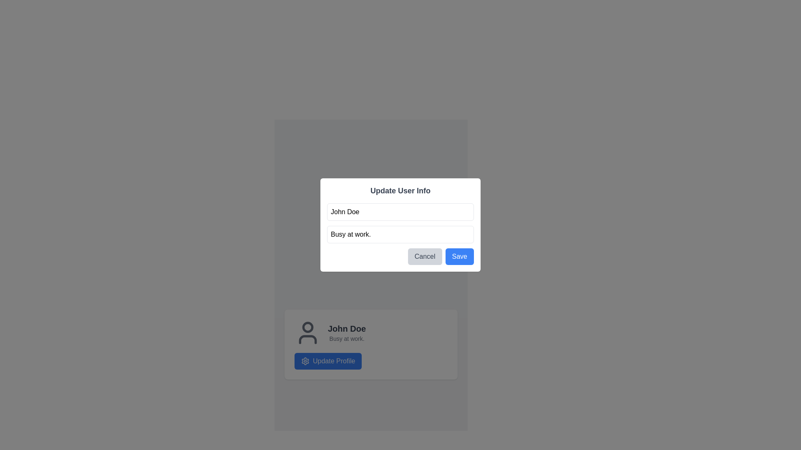  Describe the element at coordinates (305, 361) in the screenshot. I see `the Settings Cogwheel icon, which is located to the left of the 'Update Profile' text and is part of a group of elements with a blue background and white text` at that location.